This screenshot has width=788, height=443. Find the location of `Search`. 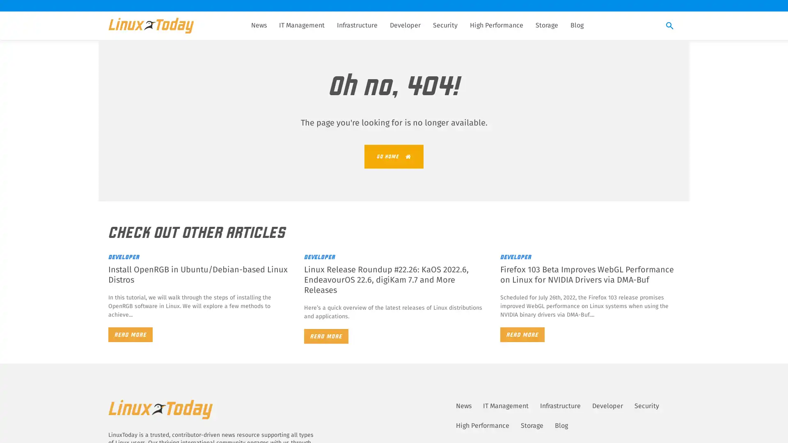

Search is located at coordinates (670, 26).